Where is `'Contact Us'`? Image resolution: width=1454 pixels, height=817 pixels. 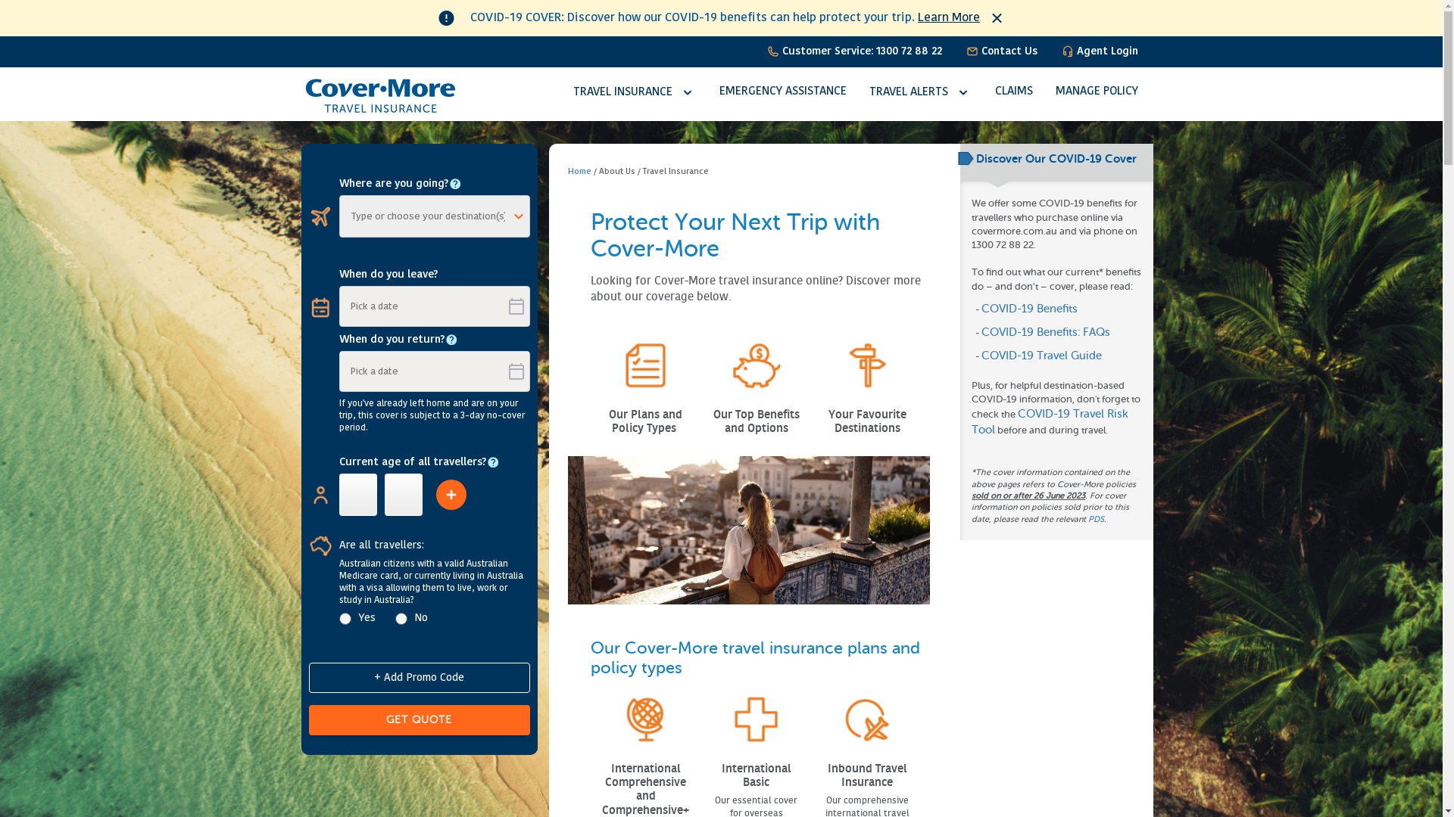
'Contact Us' is located at coordinates (1002, 51).